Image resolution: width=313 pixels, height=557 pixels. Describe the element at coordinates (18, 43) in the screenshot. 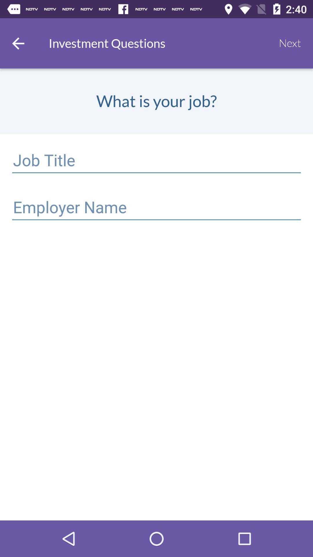

I see `item at the top left corner` at that location.